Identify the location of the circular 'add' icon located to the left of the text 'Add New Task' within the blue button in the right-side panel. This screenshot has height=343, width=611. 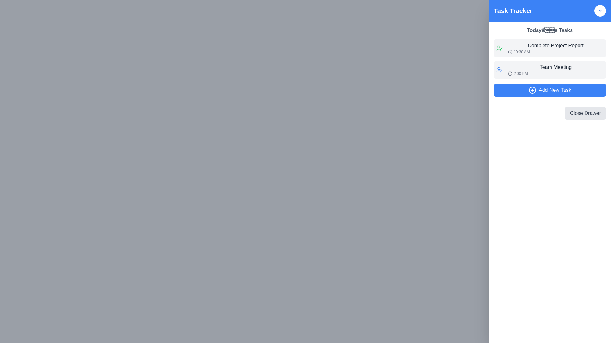
(532, 90).